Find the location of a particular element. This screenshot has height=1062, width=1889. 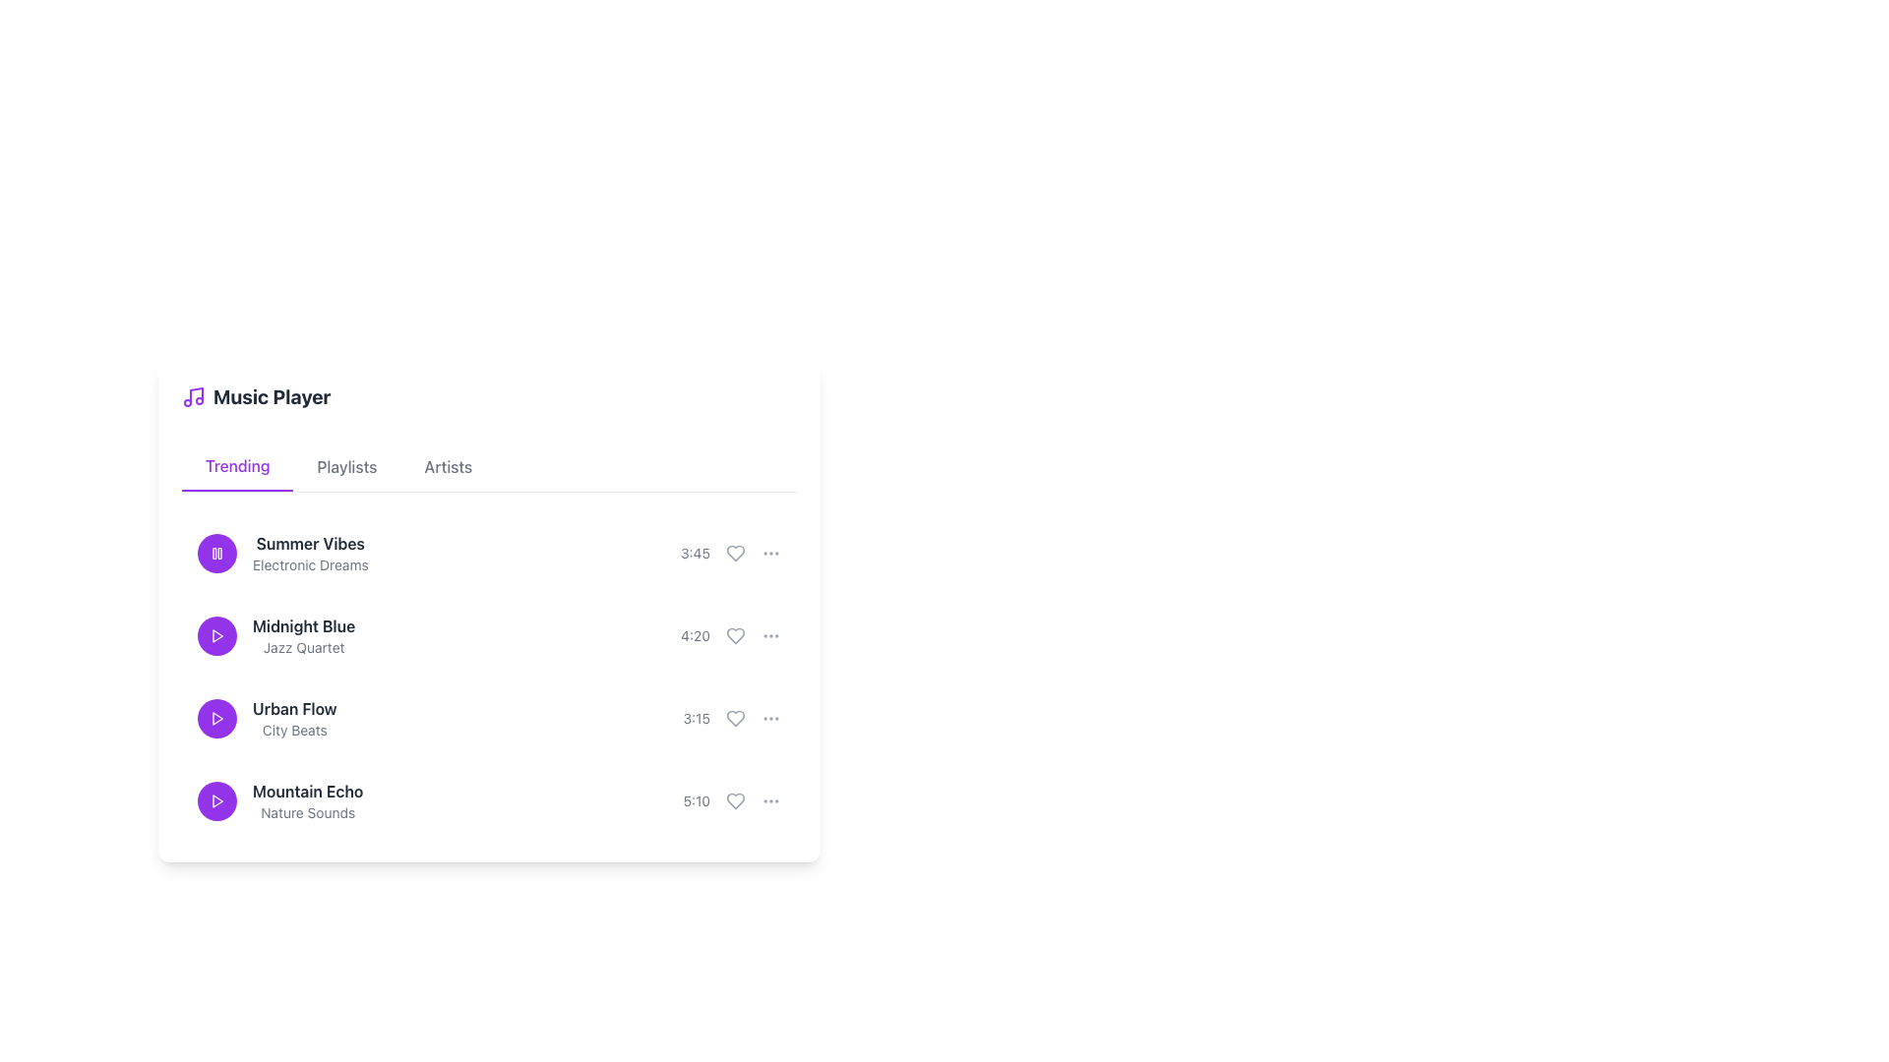

the circular purple button featuring a white pause icon is located at coordinates (216, 554).